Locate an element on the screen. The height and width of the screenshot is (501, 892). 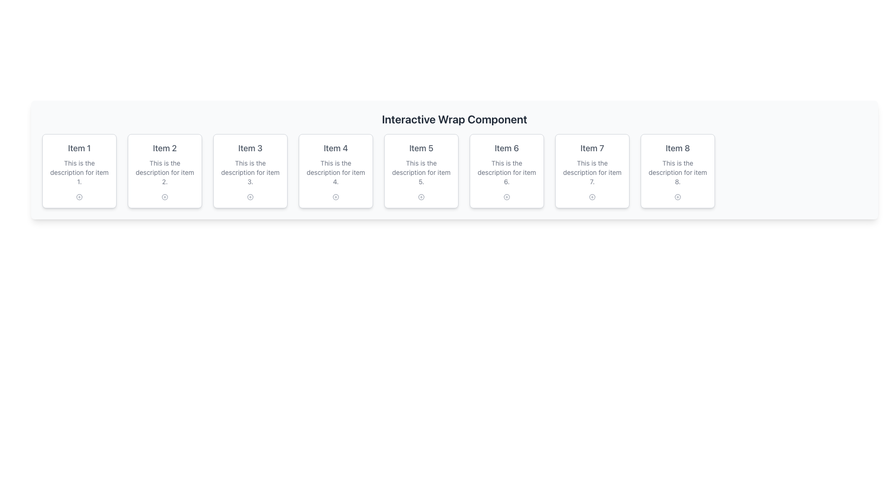
the sixth card in the grid that displays a title, description, and an icon, located in the center-right of the interface is located at coordinates (506, 171).